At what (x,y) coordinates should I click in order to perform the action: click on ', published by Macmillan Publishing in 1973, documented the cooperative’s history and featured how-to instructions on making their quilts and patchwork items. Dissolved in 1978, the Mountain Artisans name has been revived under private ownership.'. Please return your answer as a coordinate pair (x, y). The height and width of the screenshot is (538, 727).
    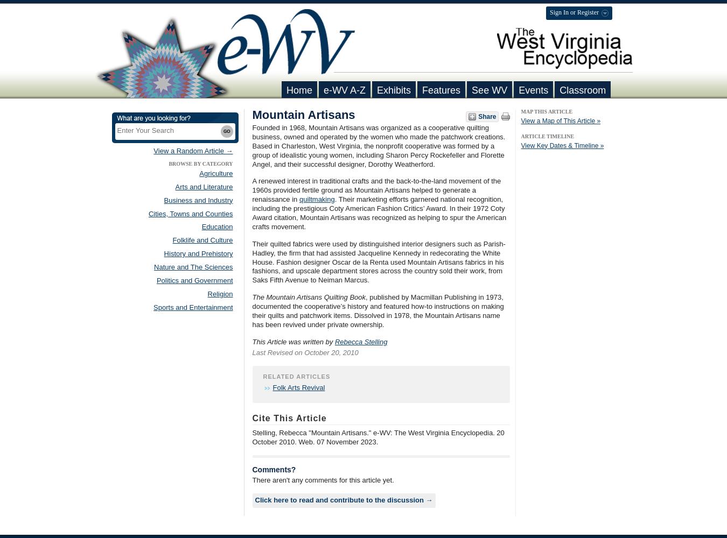
    Looking at the image, I should click on (377, 310).